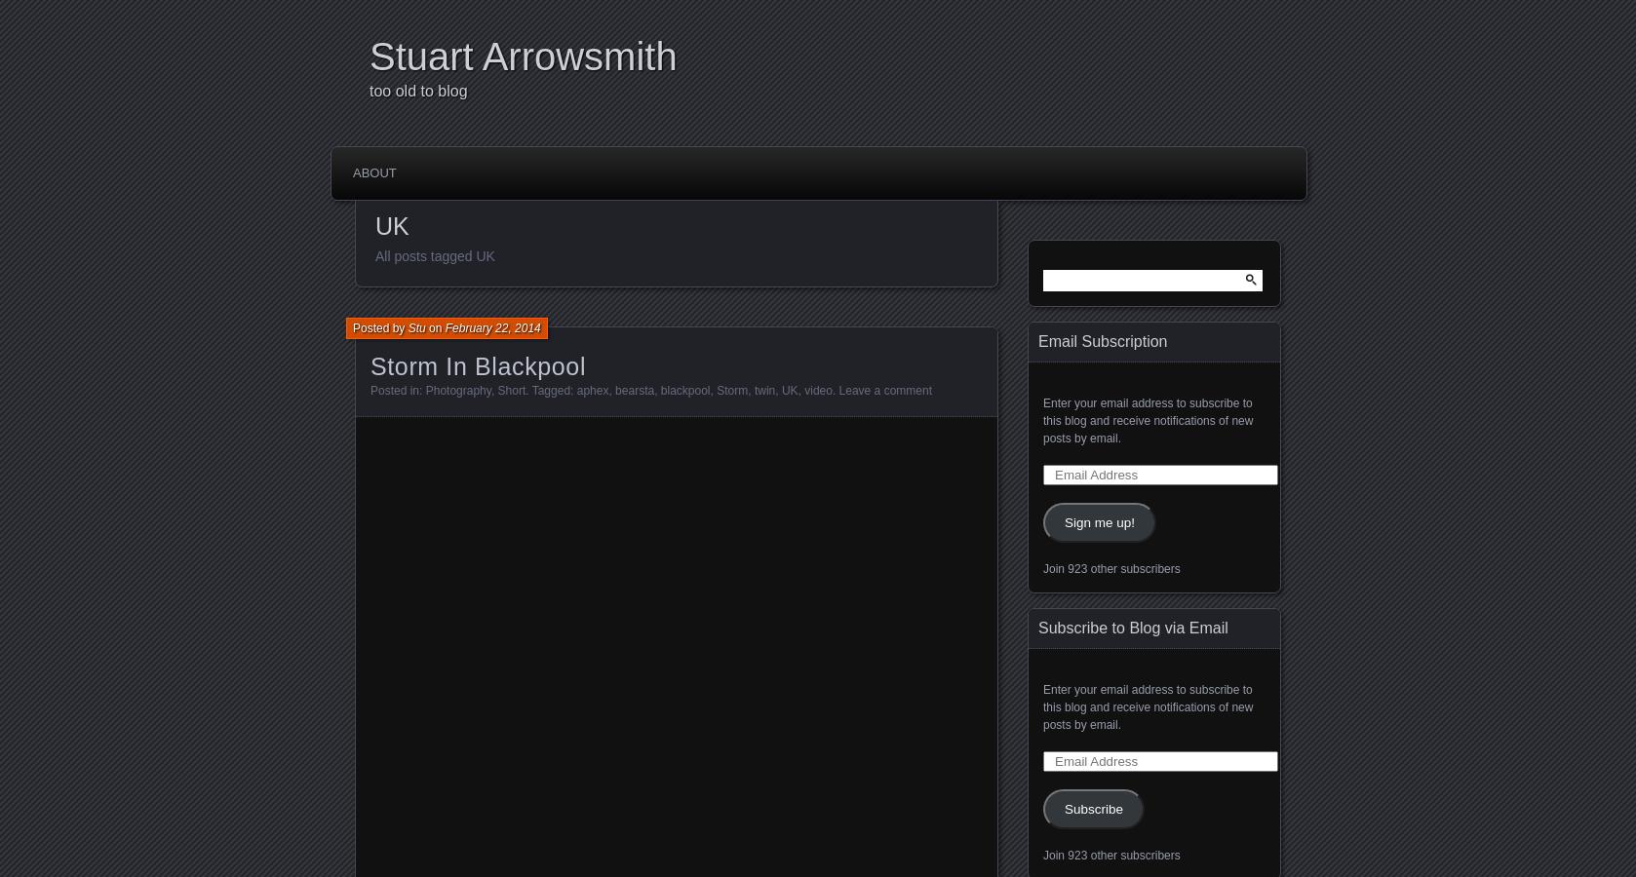 Image resolution: width=1636 pixels, height=877 pixels. I want to click on 'February 22, 2014', so click(491, 326).